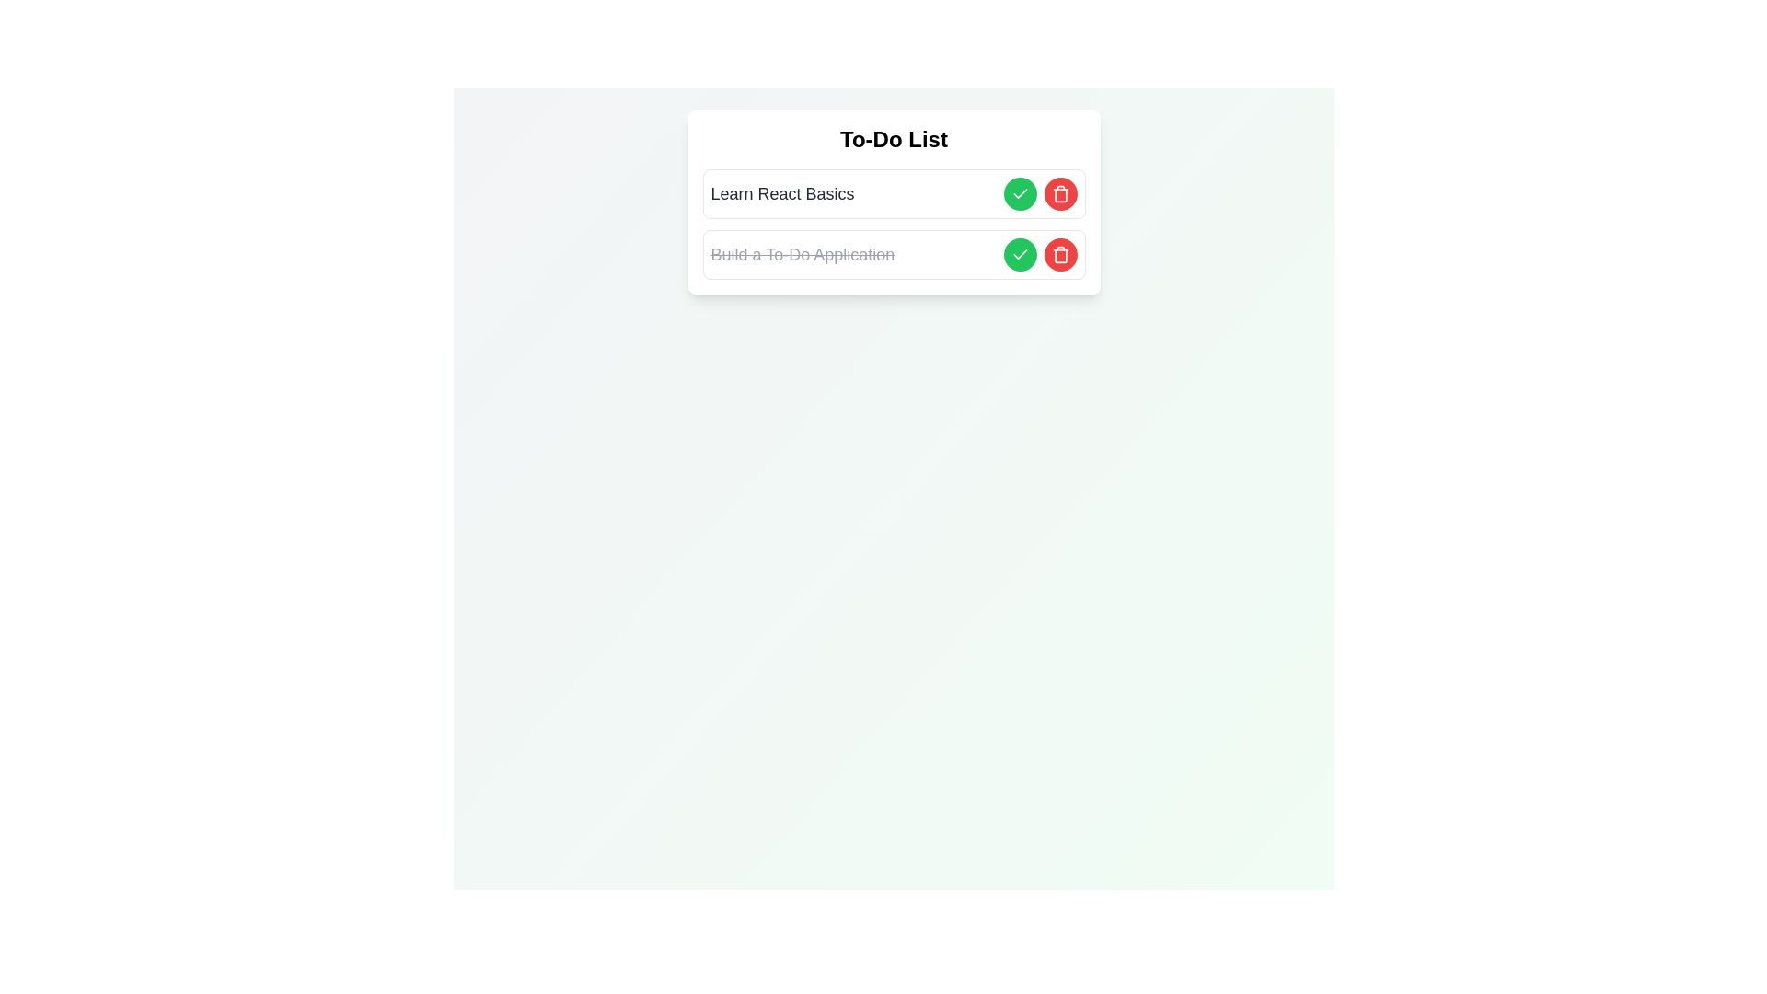  What do you see at coordinates (1060, 255) in the screenshot?
I see `the circular red delete button with a trash can icon located on the right side of the row for the 'Build a To-Do Application' task` at bounding box center [1060, 255].